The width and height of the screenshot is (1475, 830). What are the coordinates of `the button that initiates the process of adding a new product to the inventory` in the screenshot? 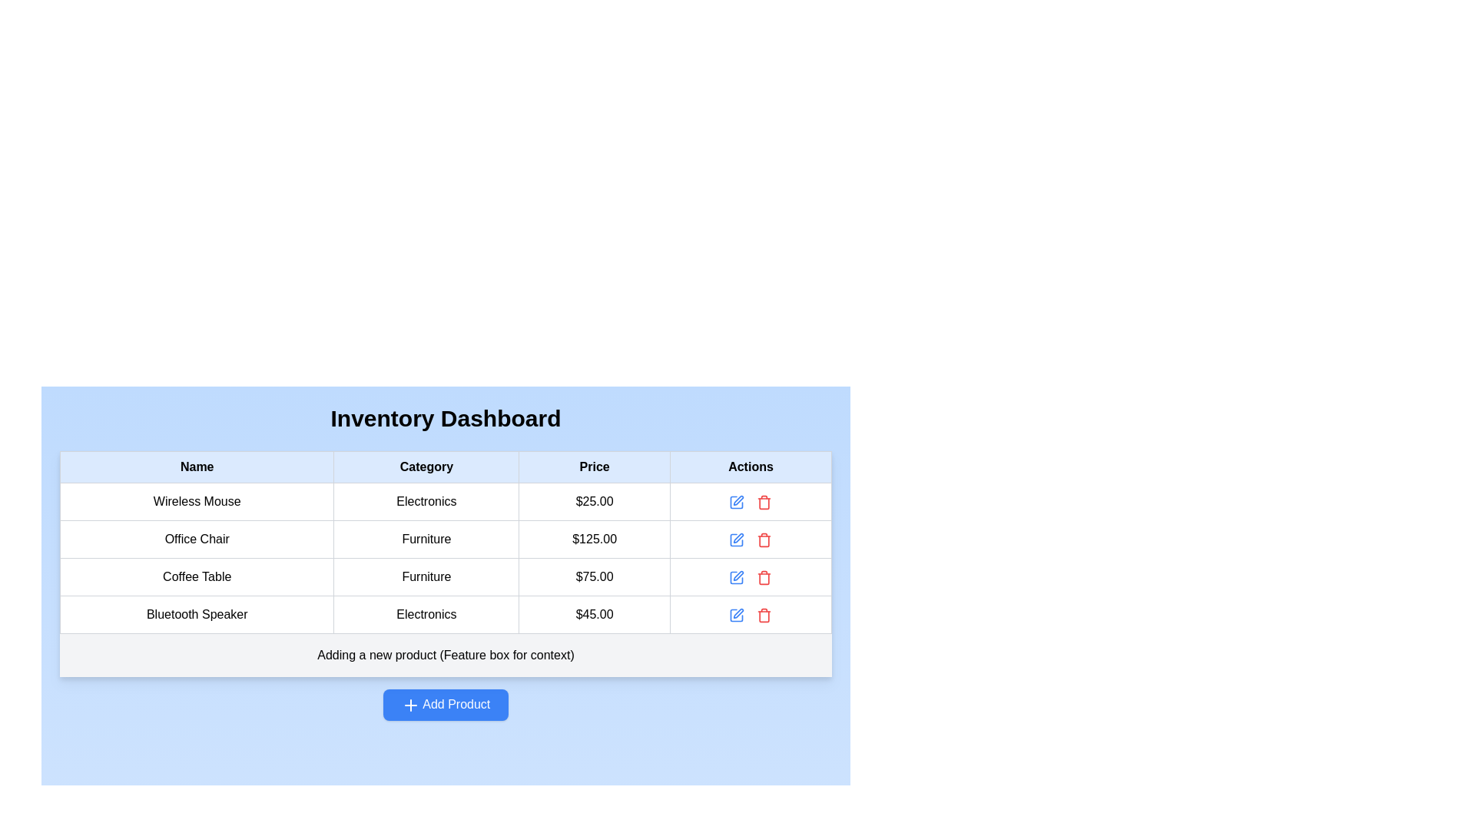 It's located at (445, 705).